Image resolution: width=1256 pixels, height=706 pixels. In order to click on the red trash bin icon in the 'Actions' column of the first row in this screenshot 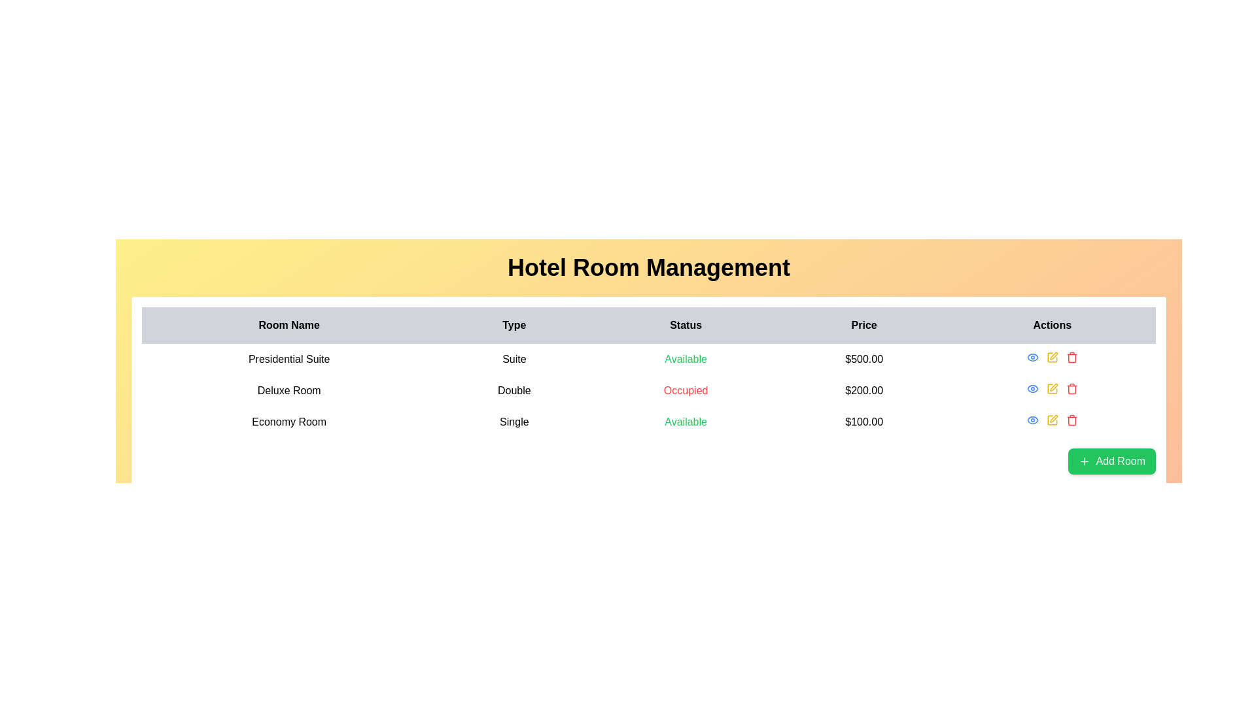, I will do `click(1072, 358)`.